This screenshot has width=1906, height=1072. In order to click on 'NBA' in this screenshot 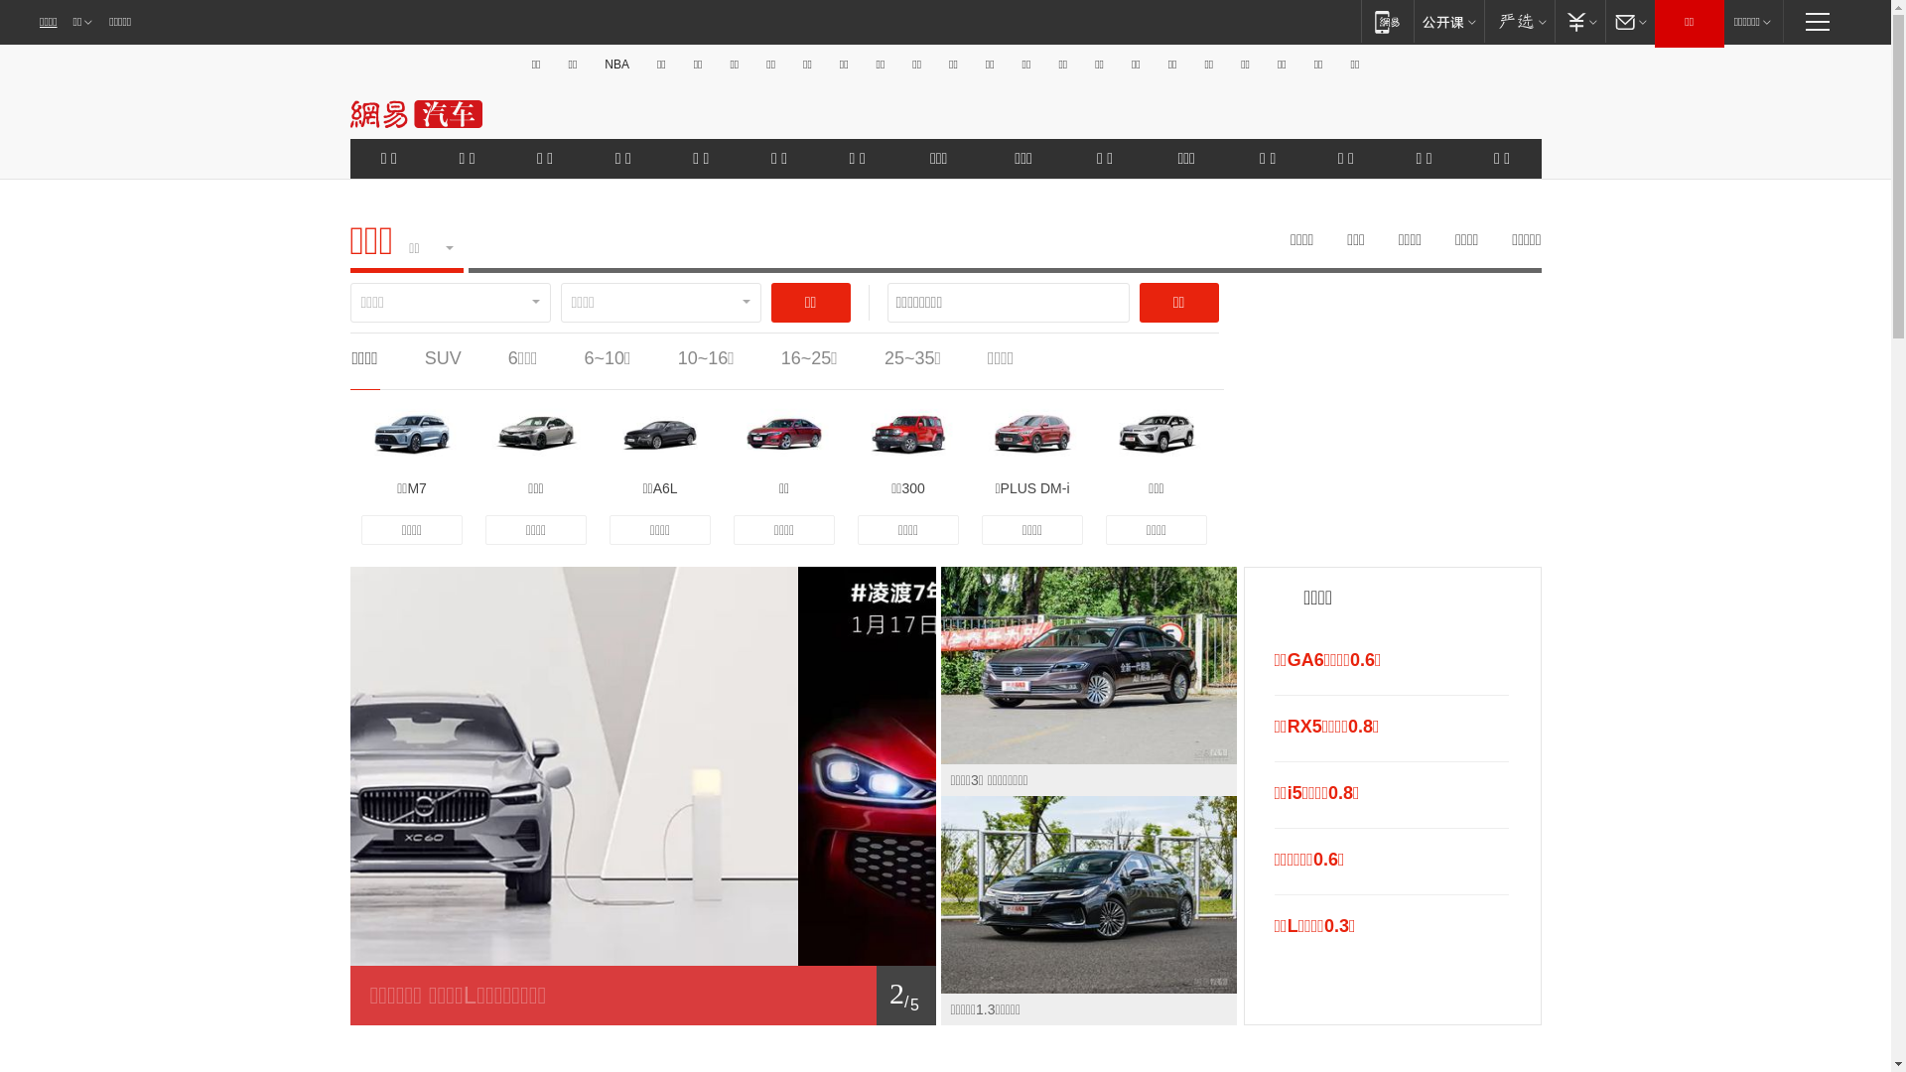, I will do `click(615, 64)`.